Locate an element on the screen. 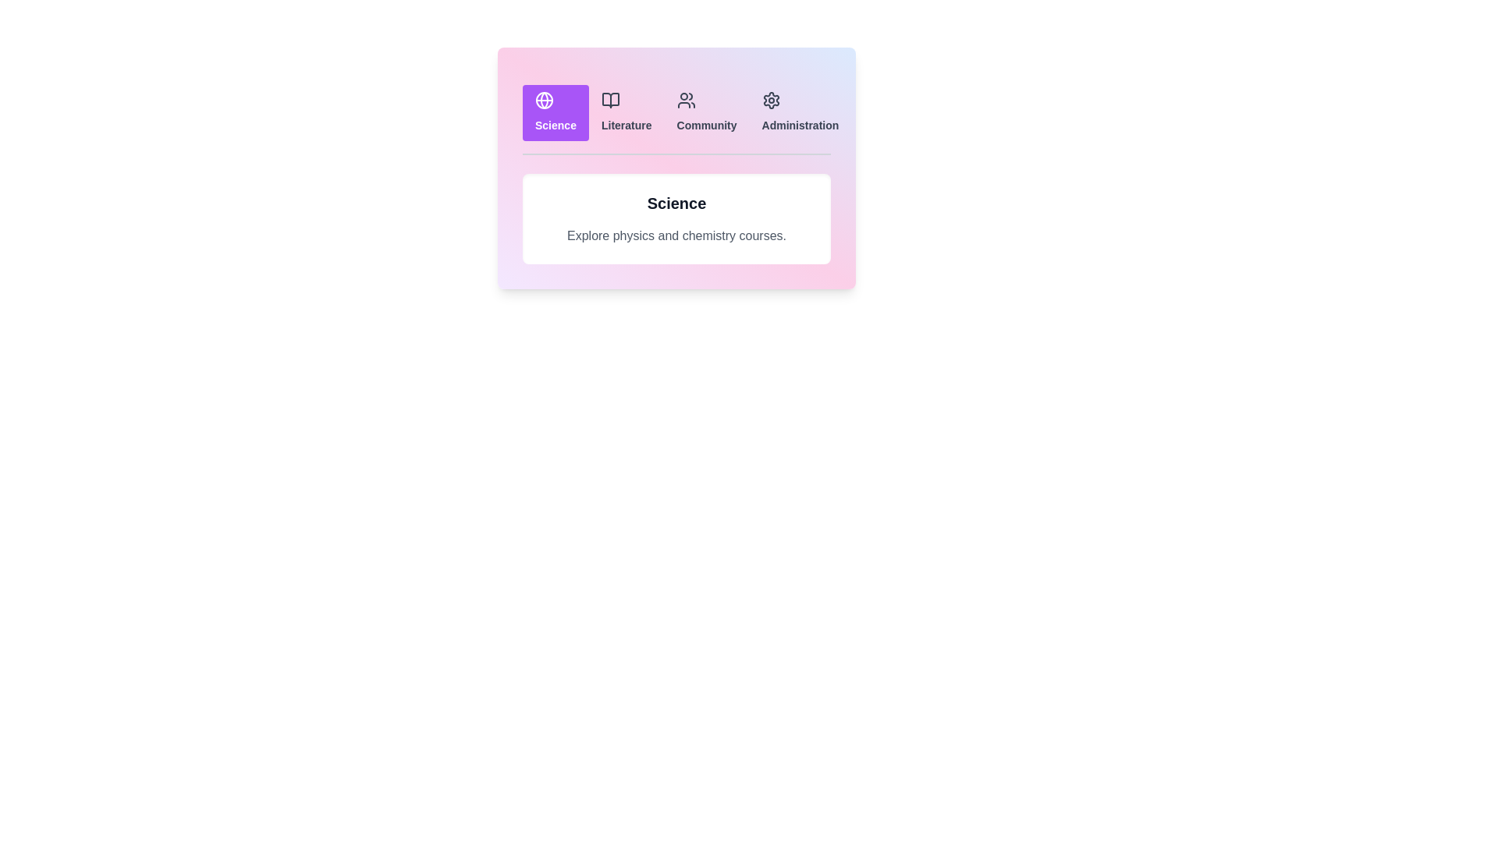 The height and width of the screenshot is (842, 1498). the icon for the Administration tab is located at coordinates (771, 100).